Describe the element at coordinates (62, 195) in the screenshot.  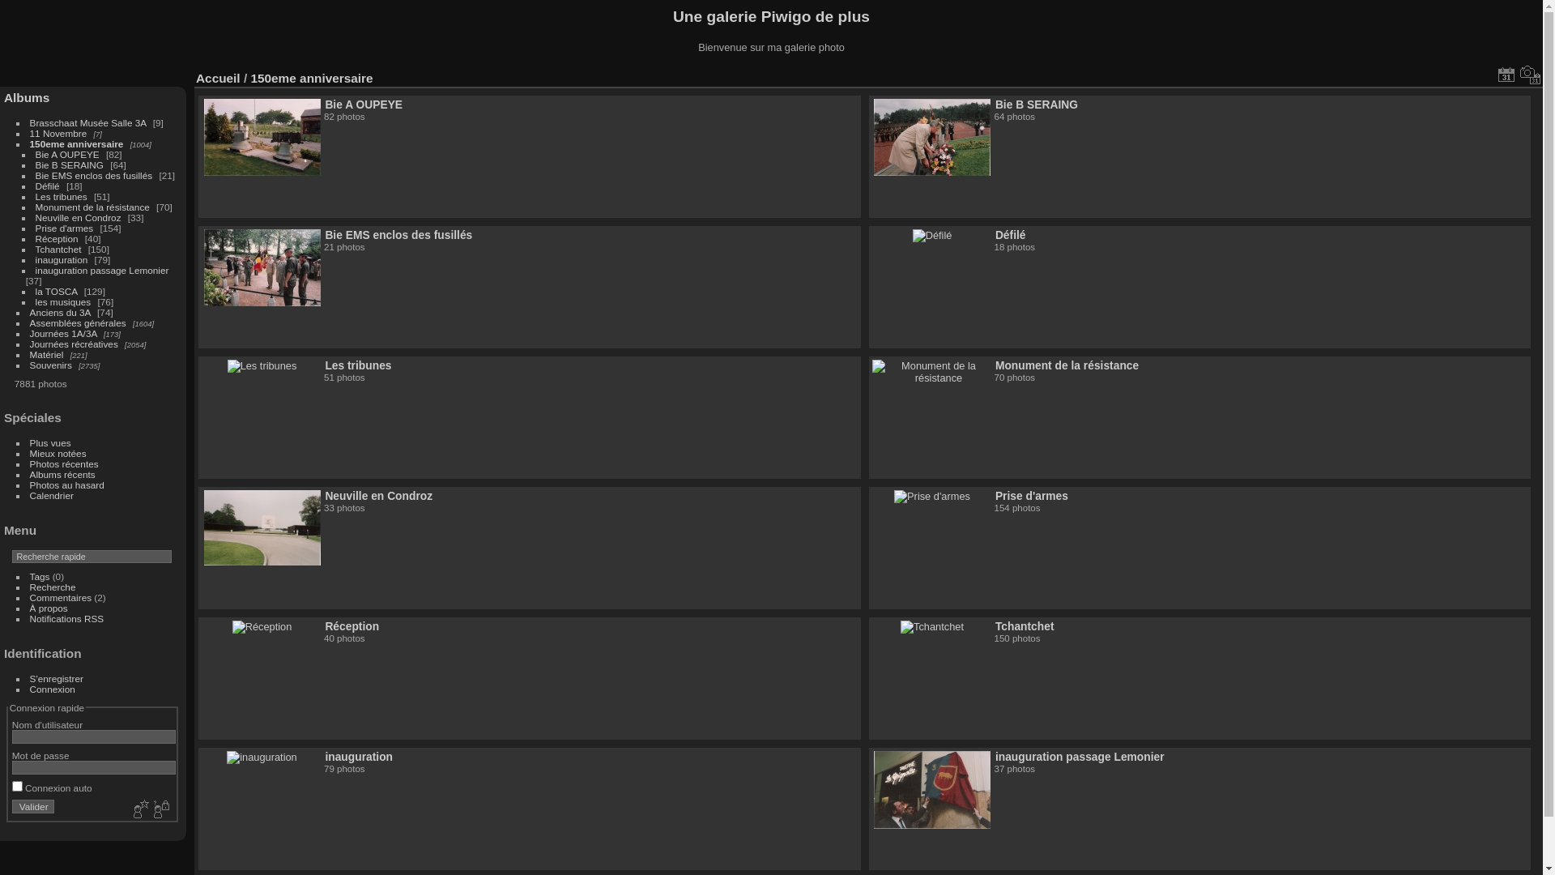
I see `'Les tribunes'` at that location.